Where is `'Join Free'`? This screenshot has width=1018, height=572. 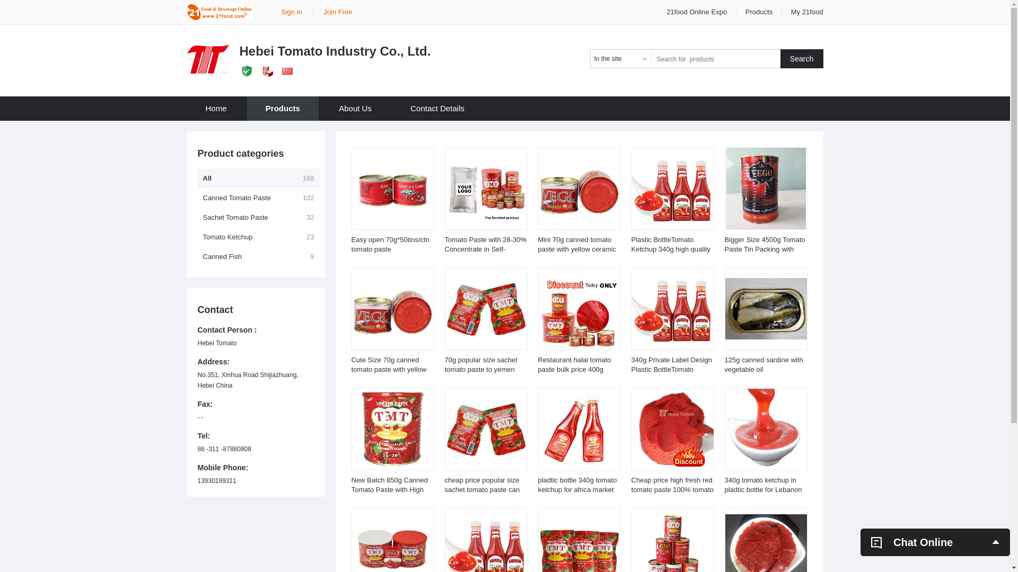 'Join Free' is located at coordinates (337, 12).